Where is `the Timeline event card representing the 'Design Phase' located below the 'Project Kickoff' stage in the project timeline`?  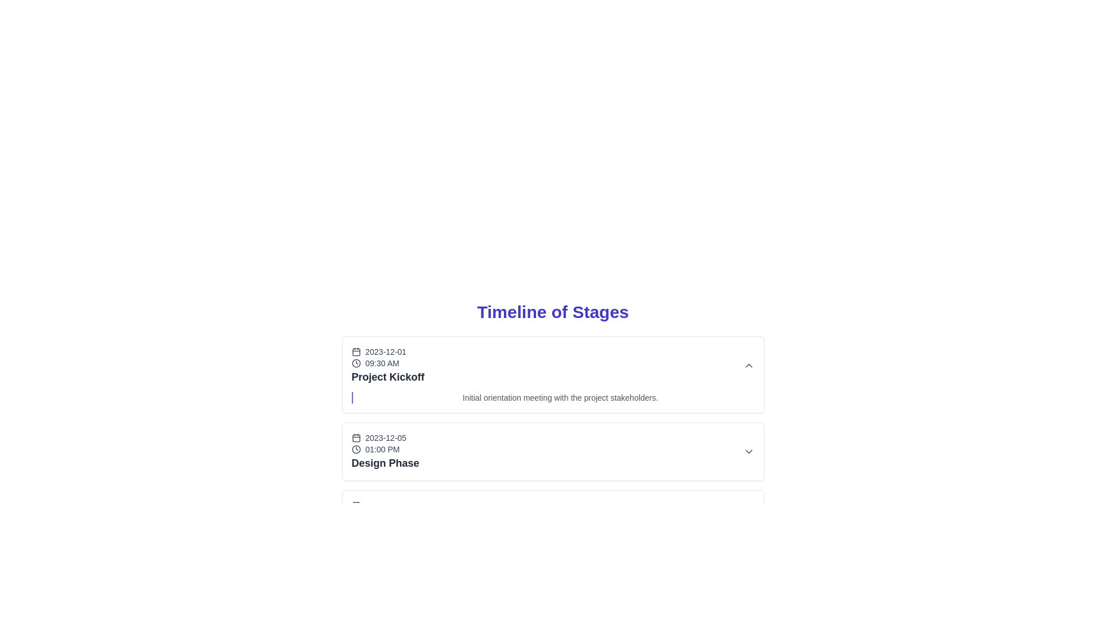 the Timeline event card representing the 'Design Phase' located below the 'Project Kickoff' stage in the project timeline is located at coordinates (553, 425).